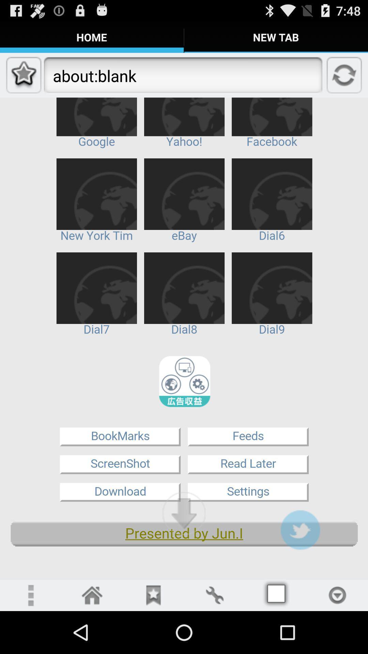 This screenshot has height=654, width=368. I want to click on the arrow_downward icon, so click(184, 549).